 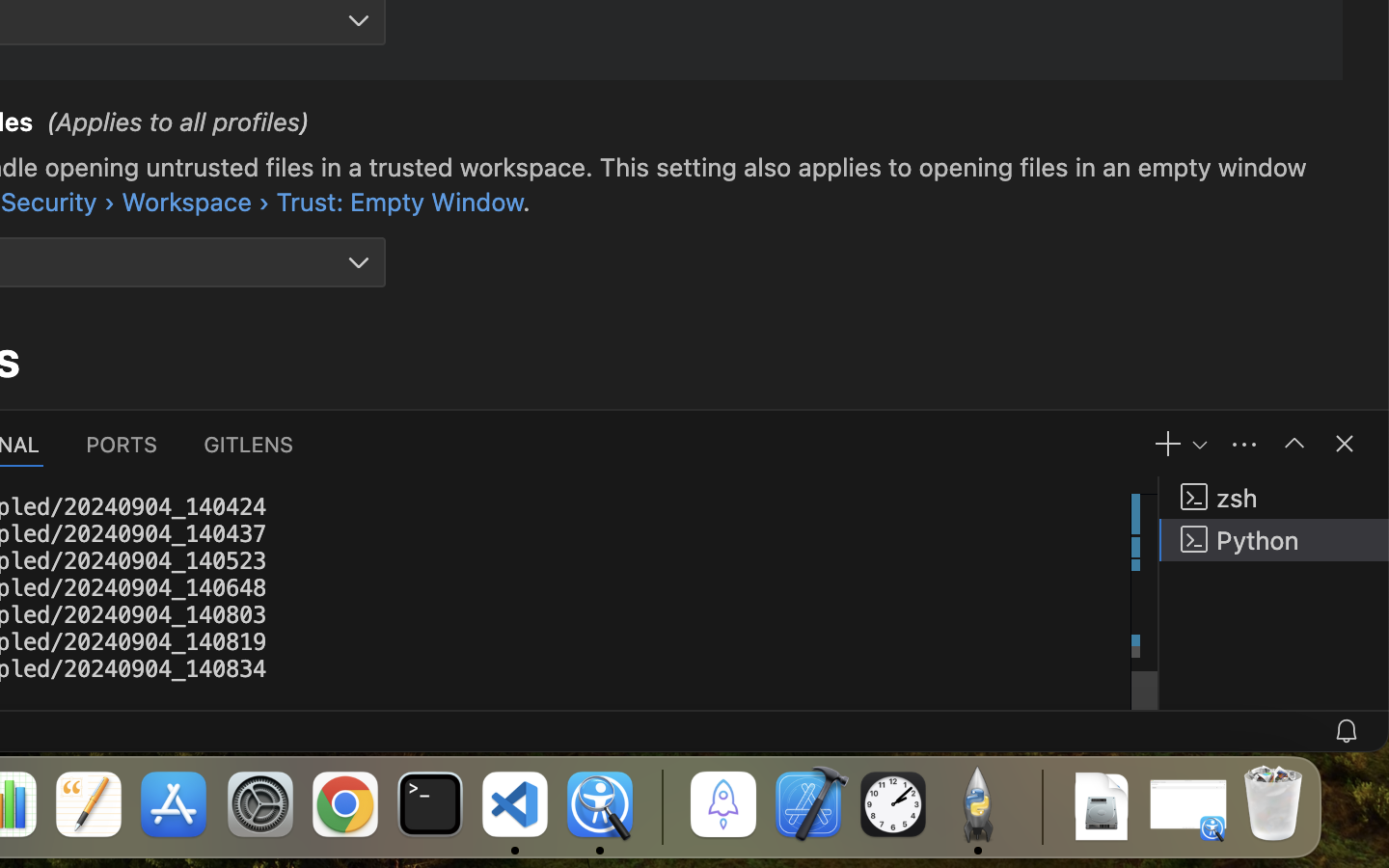 I want to click on 'zsh ', so click(x=1273, y=496).